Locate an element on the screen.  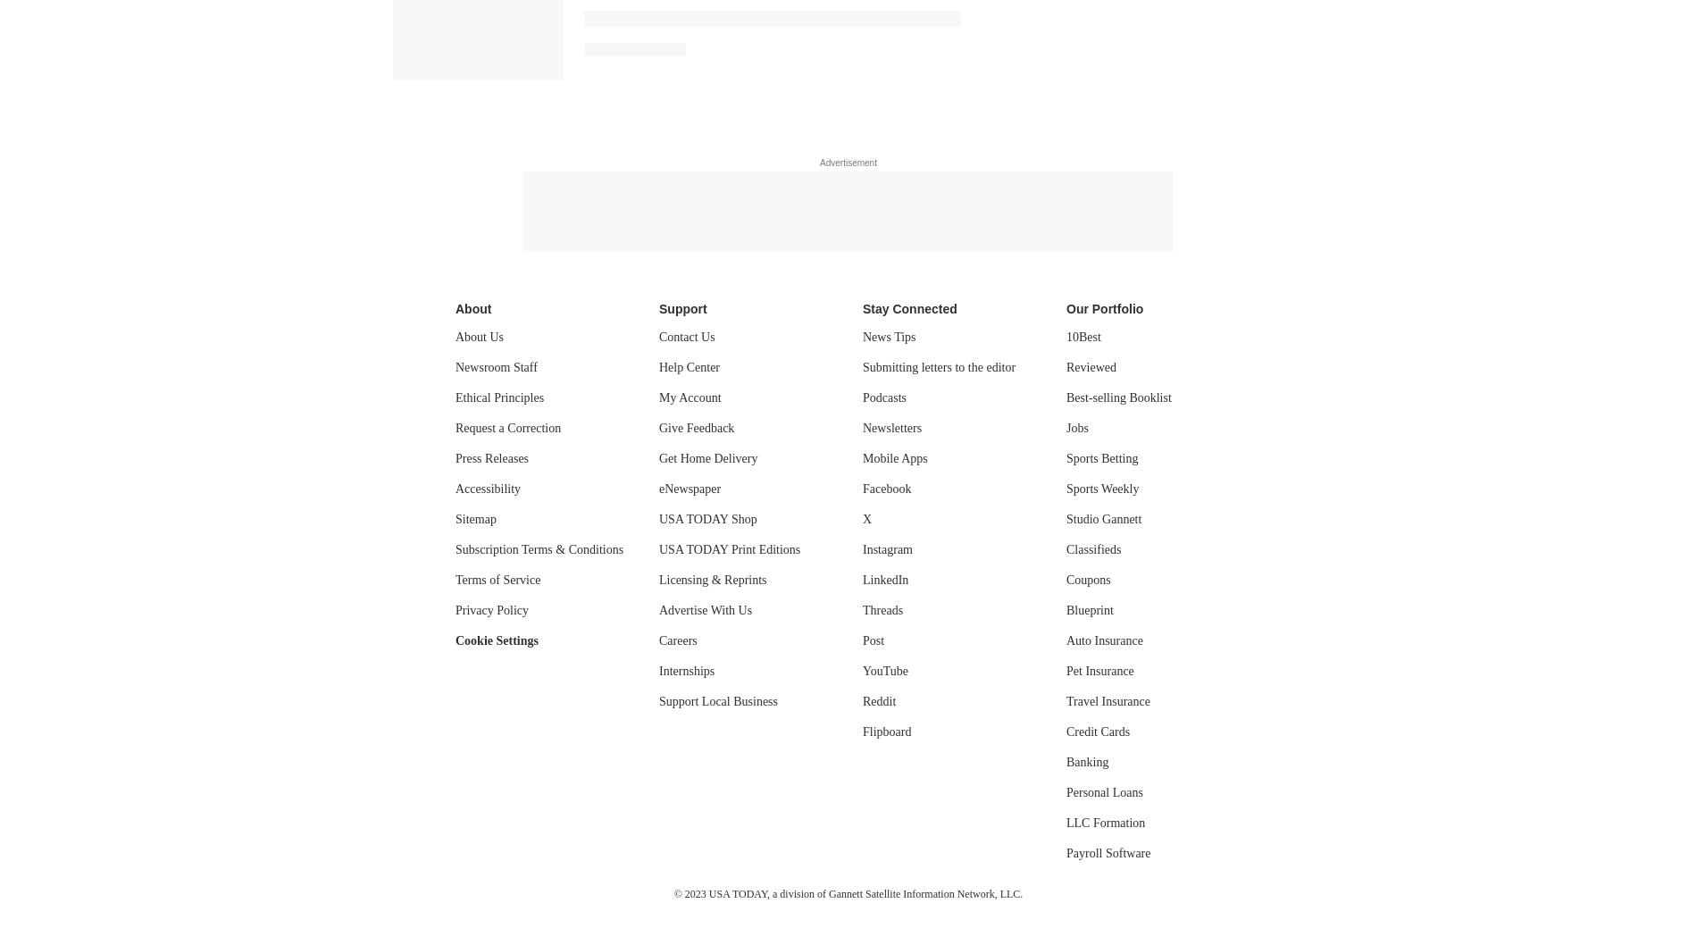
'Newsroom Staff' is located at coordinates (496, 367).